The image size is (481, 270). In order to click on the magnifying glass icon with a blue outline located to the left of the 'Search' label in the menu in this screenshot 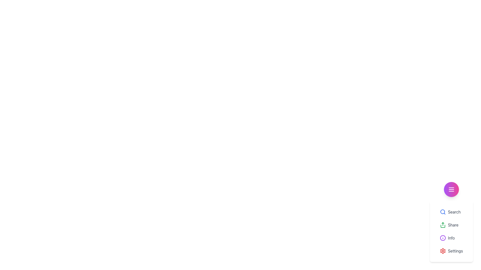, I will do `click(443, 212)`.